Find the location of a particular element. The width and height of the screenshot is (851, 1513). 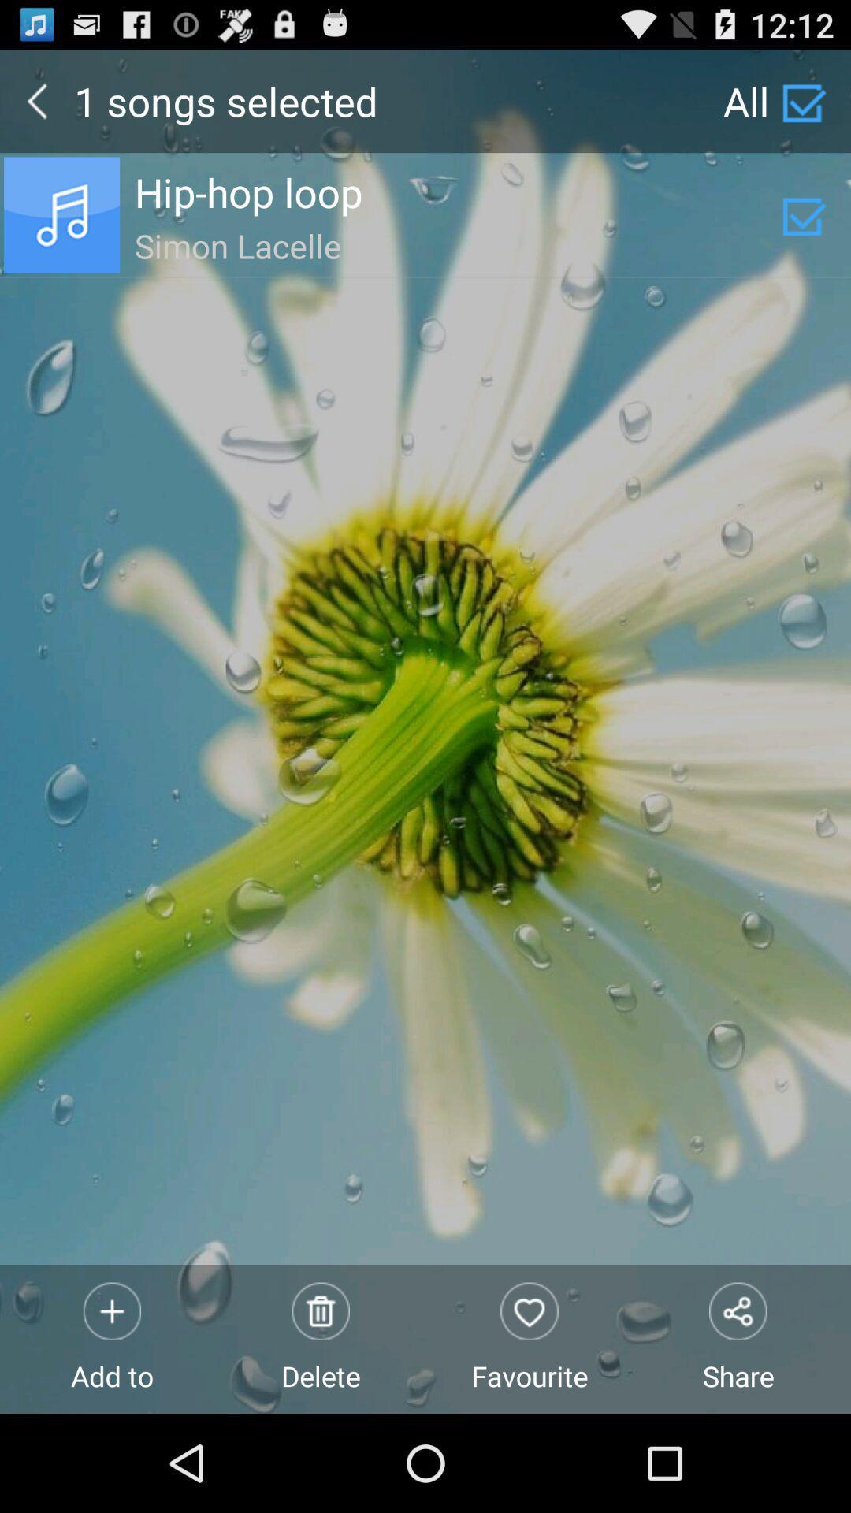

the item above the add to is located at coordinates (458, 243).